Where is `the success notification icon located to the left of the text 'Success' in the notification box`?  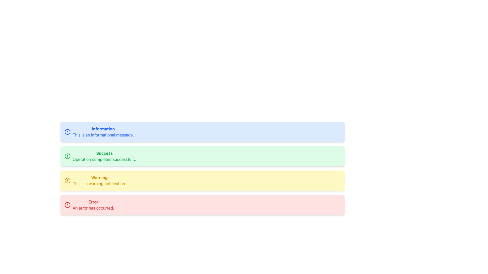 the success notification icon located to the left of the text 'Success' in the notification box is located at coordinates (67, 156).